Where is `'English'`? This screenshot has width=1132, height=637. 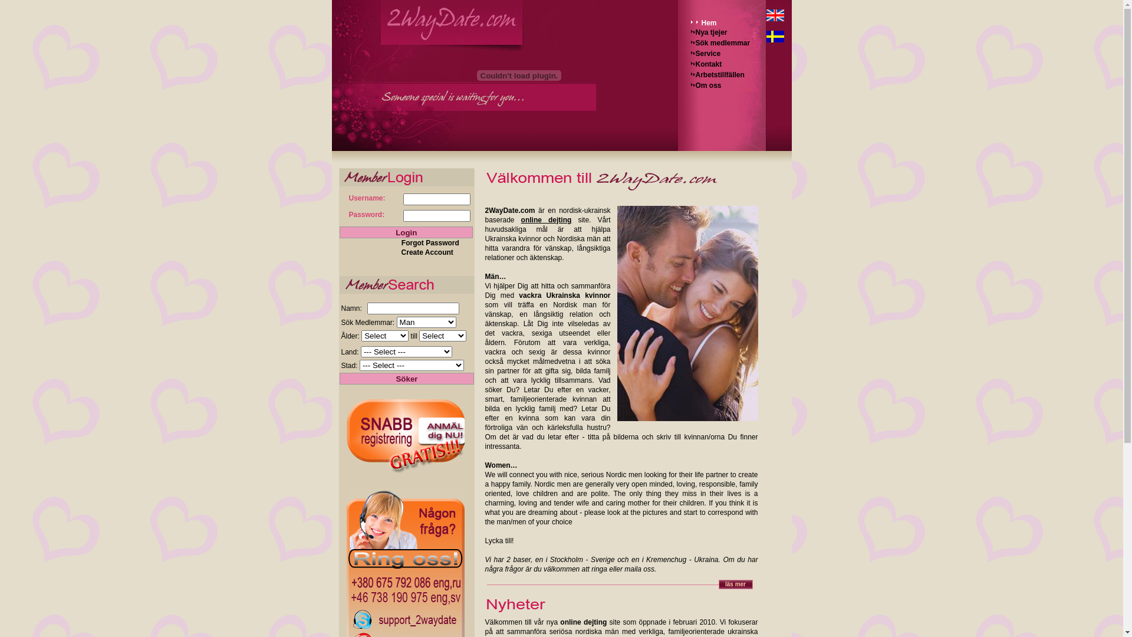
'English' is located at coordinates (766, 15).